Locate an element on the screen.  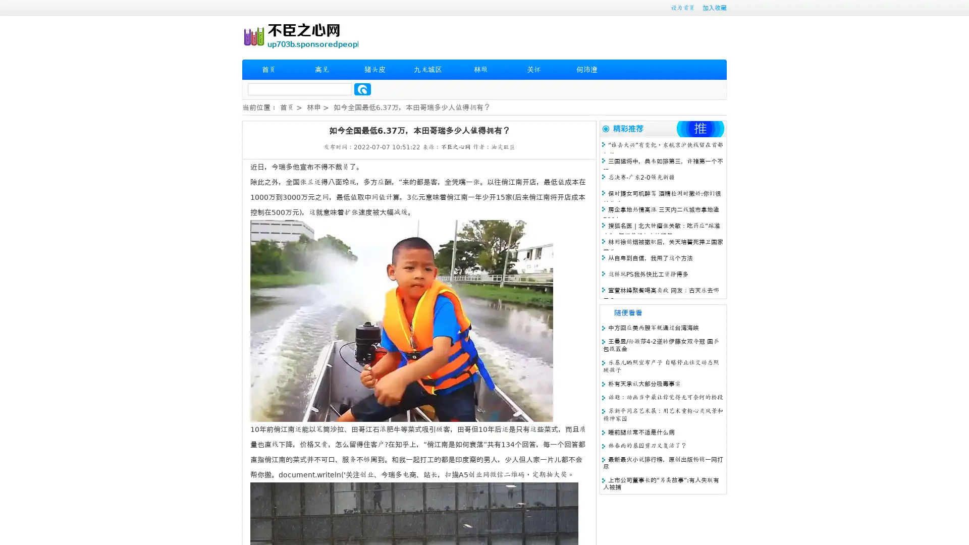
Search is located at coordinates (362, 89).